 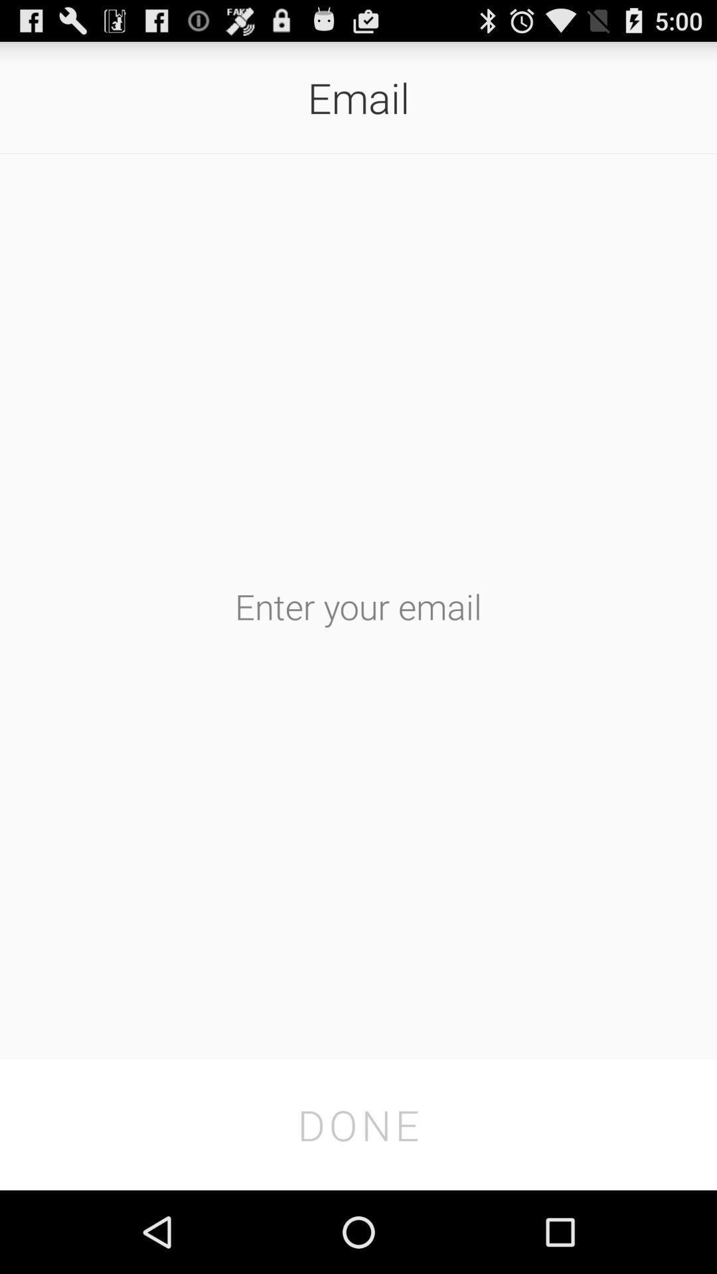 What do you see at coordinates (358, 605) in the screenshot?
I see `your email` at bounding box center [358, 605].